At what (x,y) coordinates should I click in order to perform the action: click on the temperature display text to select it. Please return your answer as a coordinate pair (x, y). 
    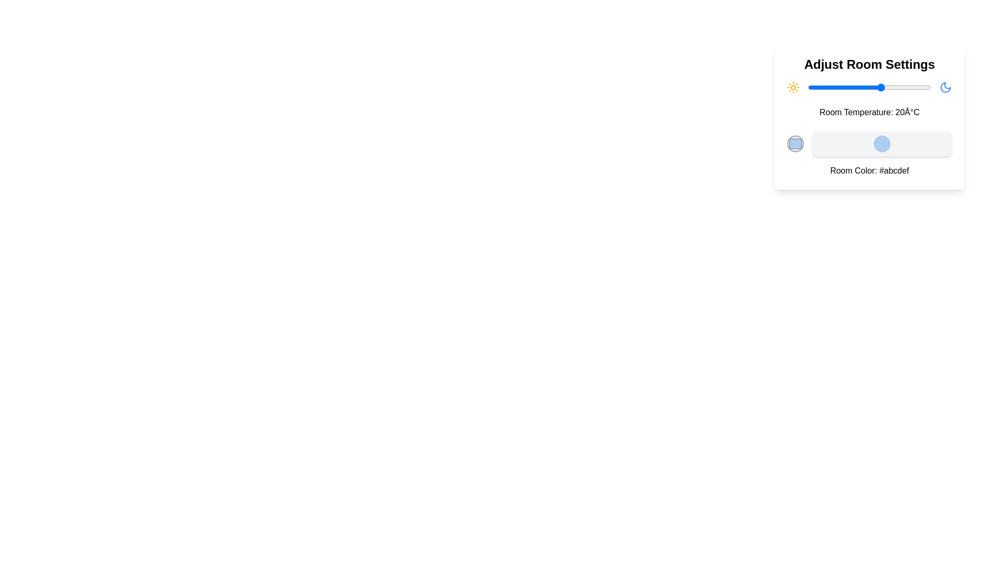
    Looking at the image, I should click on (870, 113).